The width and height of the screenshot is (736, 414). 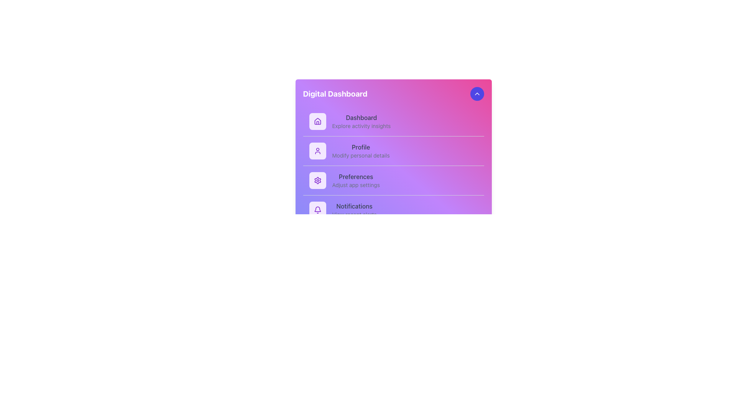 What do you see at coordinates (317, 151) in the screenshot?
I see `the profile modification icon with a light purple background and darker purple border, located in the second row of the vertical list menu labeled 'Profile Modify personal details.'` at bounding box center [317, 151].